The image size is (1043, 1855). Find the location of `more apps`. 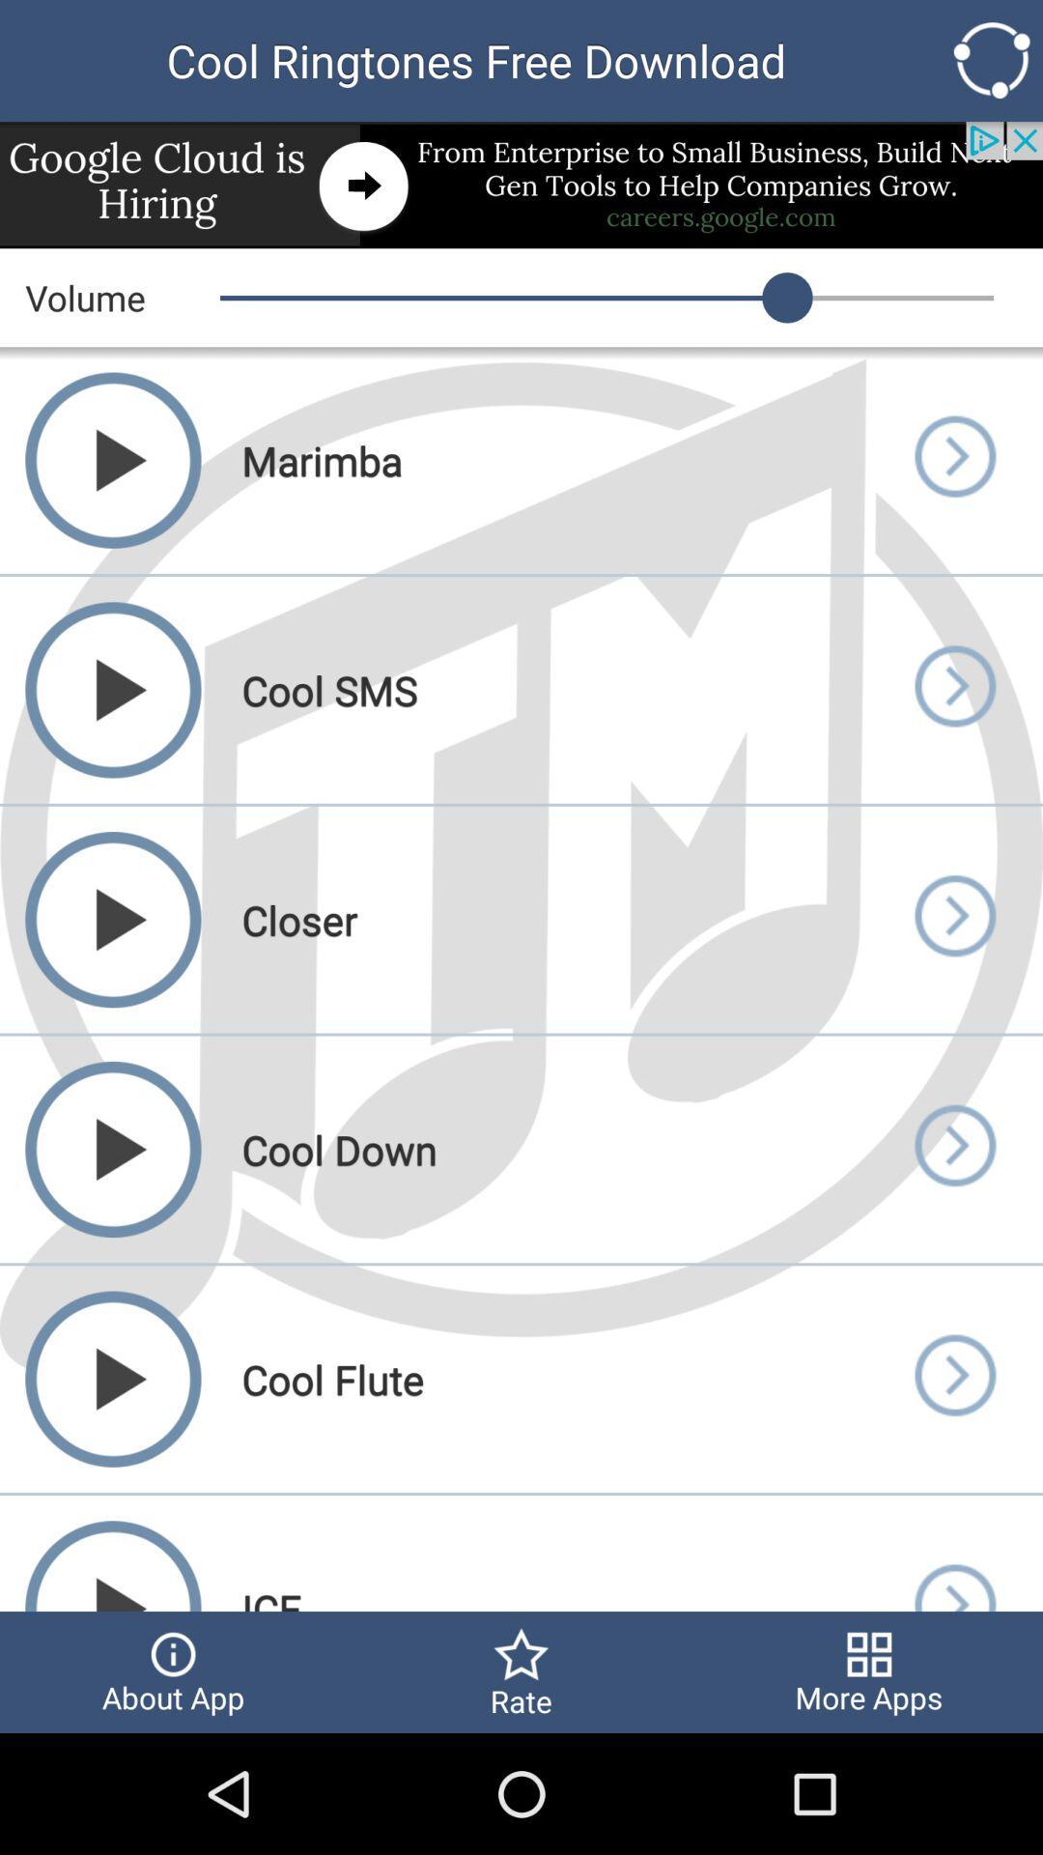

more apps is located at coordinates (867, 1673).